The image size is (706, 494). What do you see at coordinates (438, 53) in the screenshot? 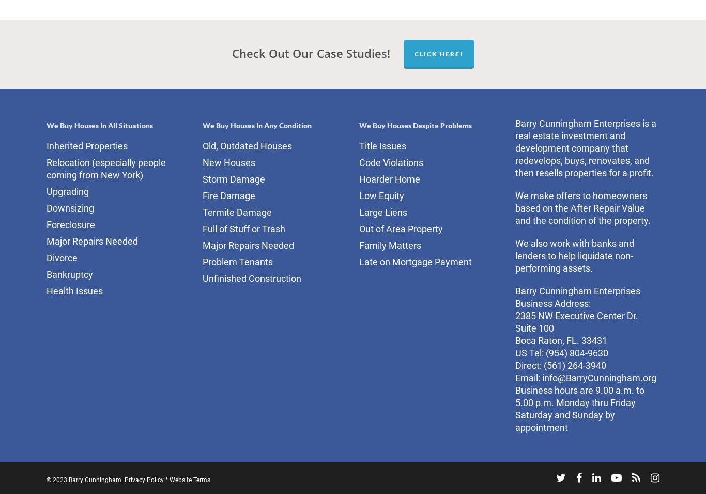
I see `'Click Here!'` at bounding box center [438, 53].